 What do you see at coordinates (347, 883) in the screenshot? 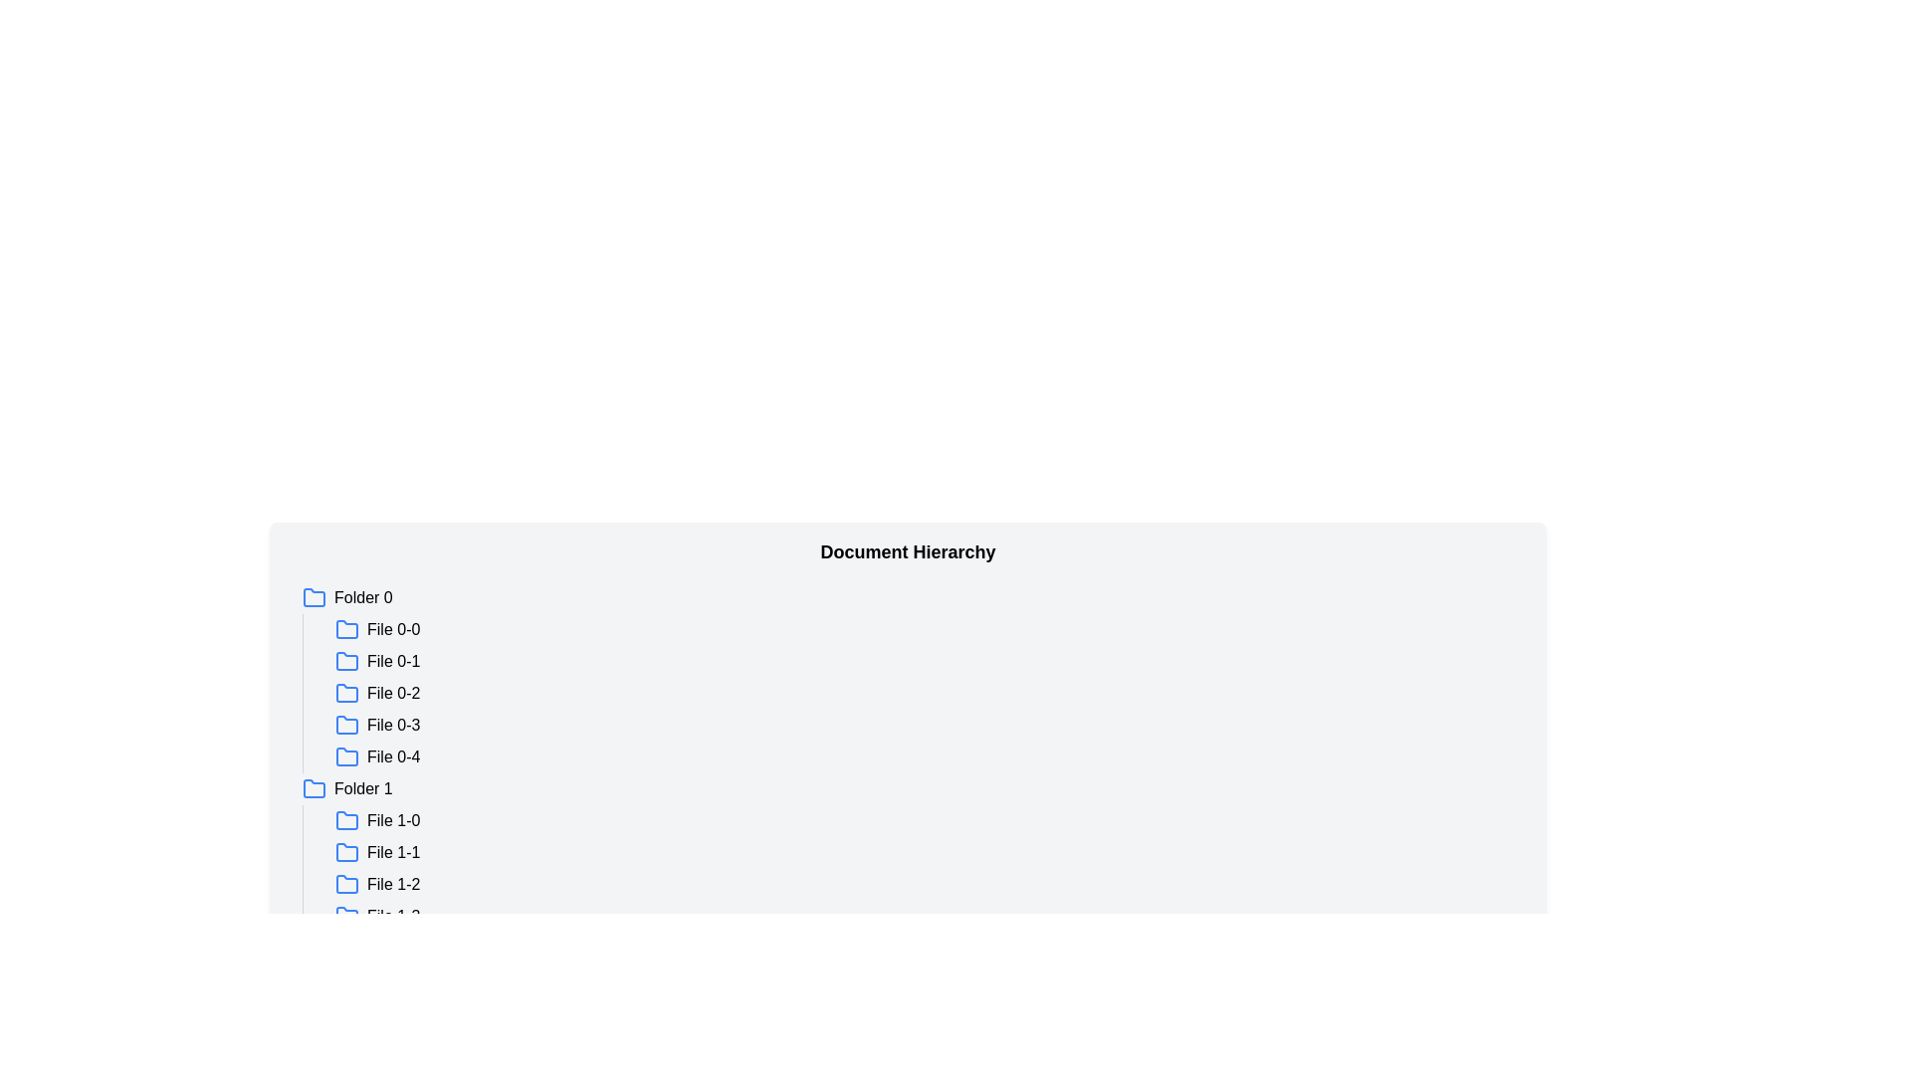
I see `the folder icon located to the left of the text 'File 1-2'` at bounding box center [347, 883].